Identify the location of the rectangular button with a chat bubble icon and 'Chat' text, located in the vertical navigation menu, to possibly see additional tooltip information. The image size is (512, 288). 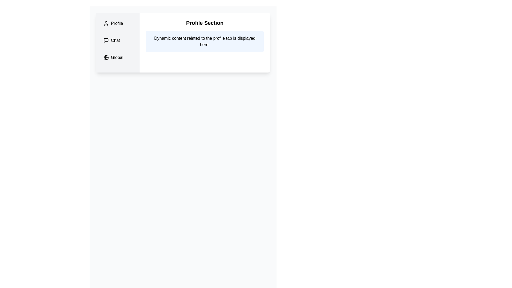
(117, 40).